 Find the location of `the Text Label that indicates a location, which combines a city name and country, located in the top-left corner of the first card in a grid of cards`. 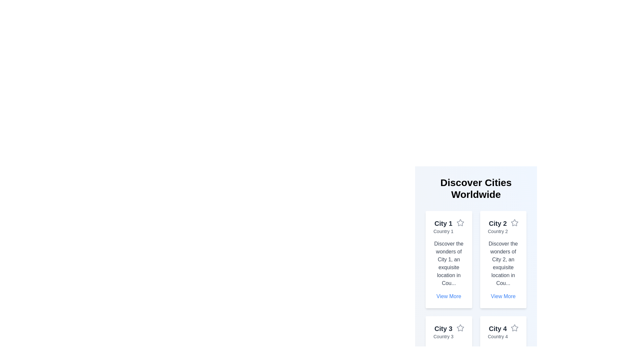

the Text Label that indicates a location, which combines a city name and country, located in the top-left corner of the first card in a grid of cards is located at coordinates (443, 226).